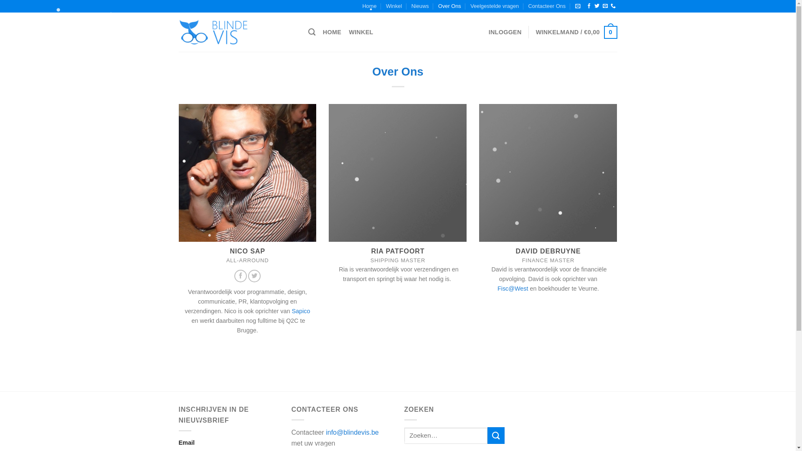  I want to click on 'Nieuws', so click(420, 6).